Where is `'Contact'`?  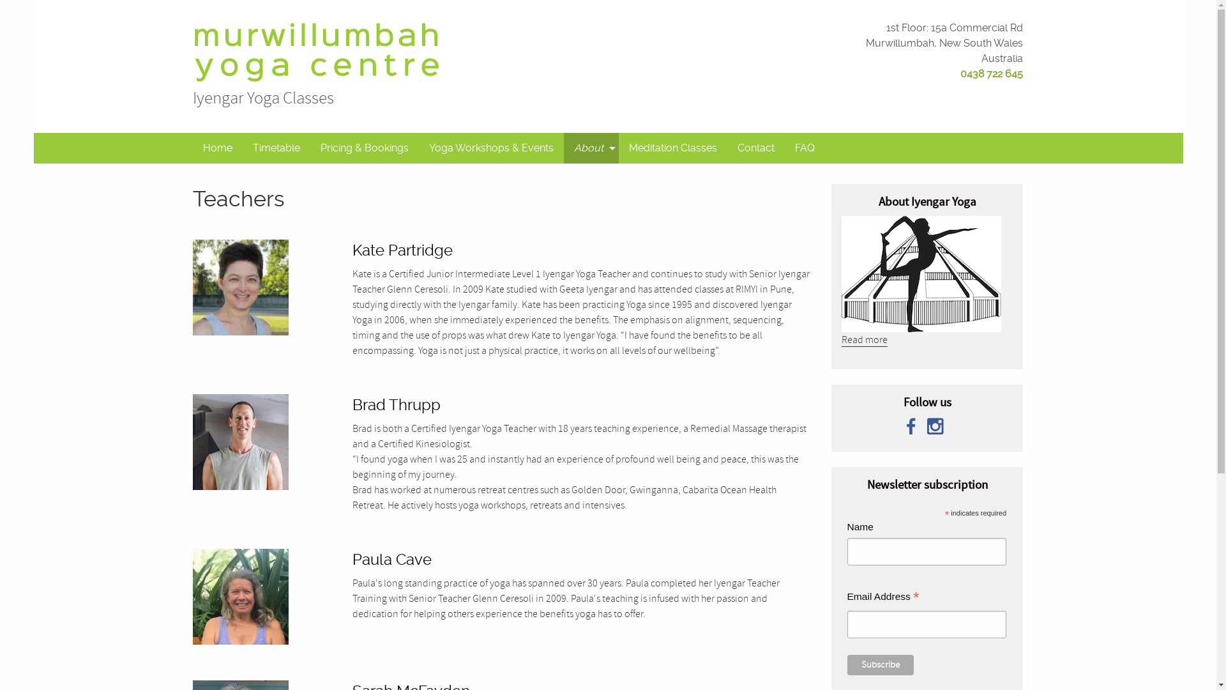
'Contact' is located at coordinates (756, 147).